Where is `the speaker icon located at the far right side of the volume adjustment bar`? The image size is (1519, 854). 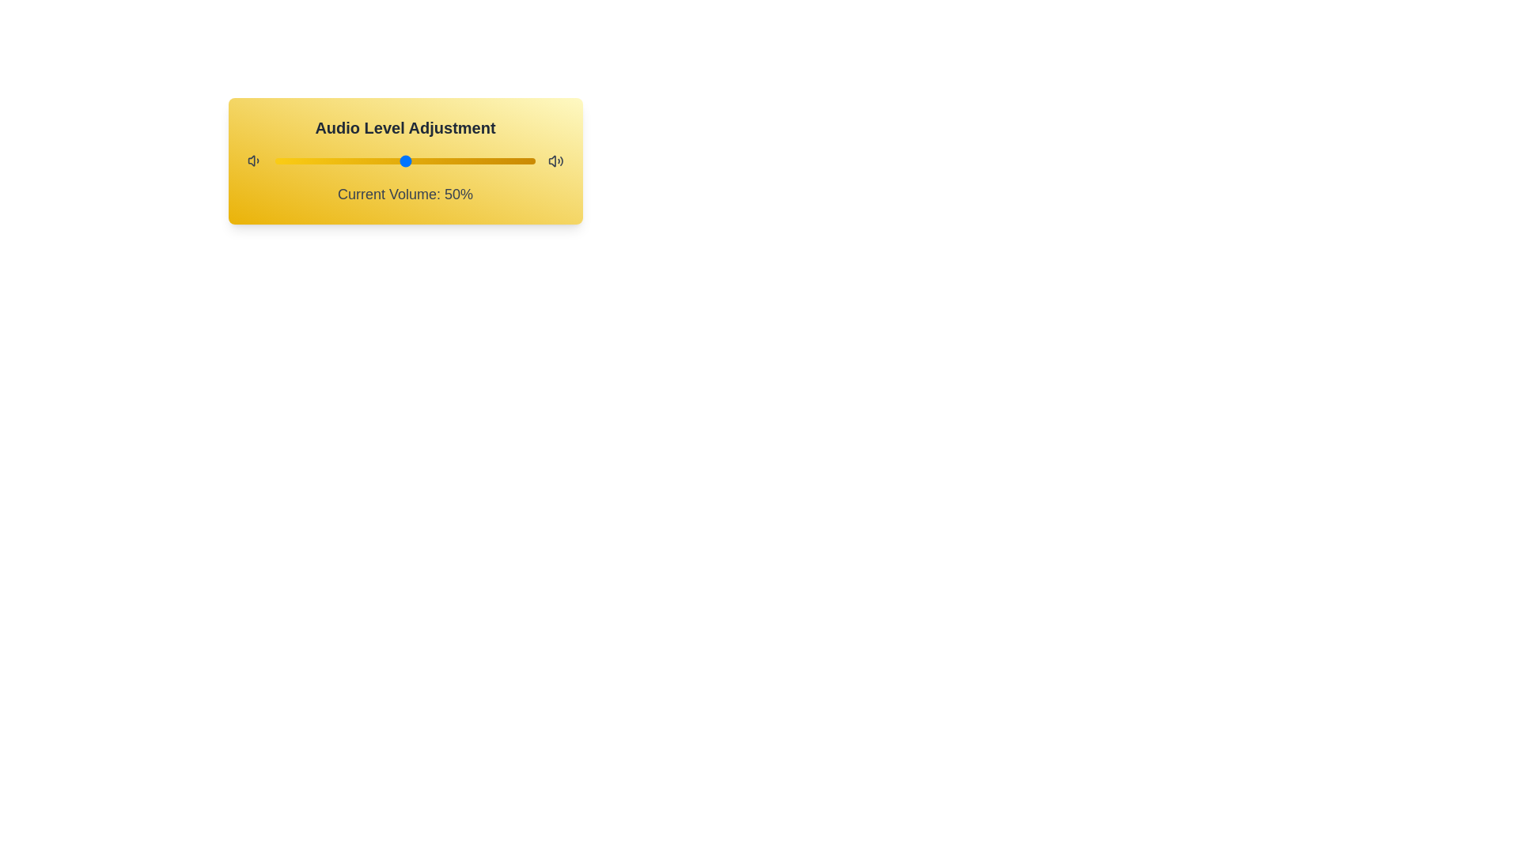 the speaker icon located at the far right side of the volume adjustment bar is located at coordinates (551, 161).